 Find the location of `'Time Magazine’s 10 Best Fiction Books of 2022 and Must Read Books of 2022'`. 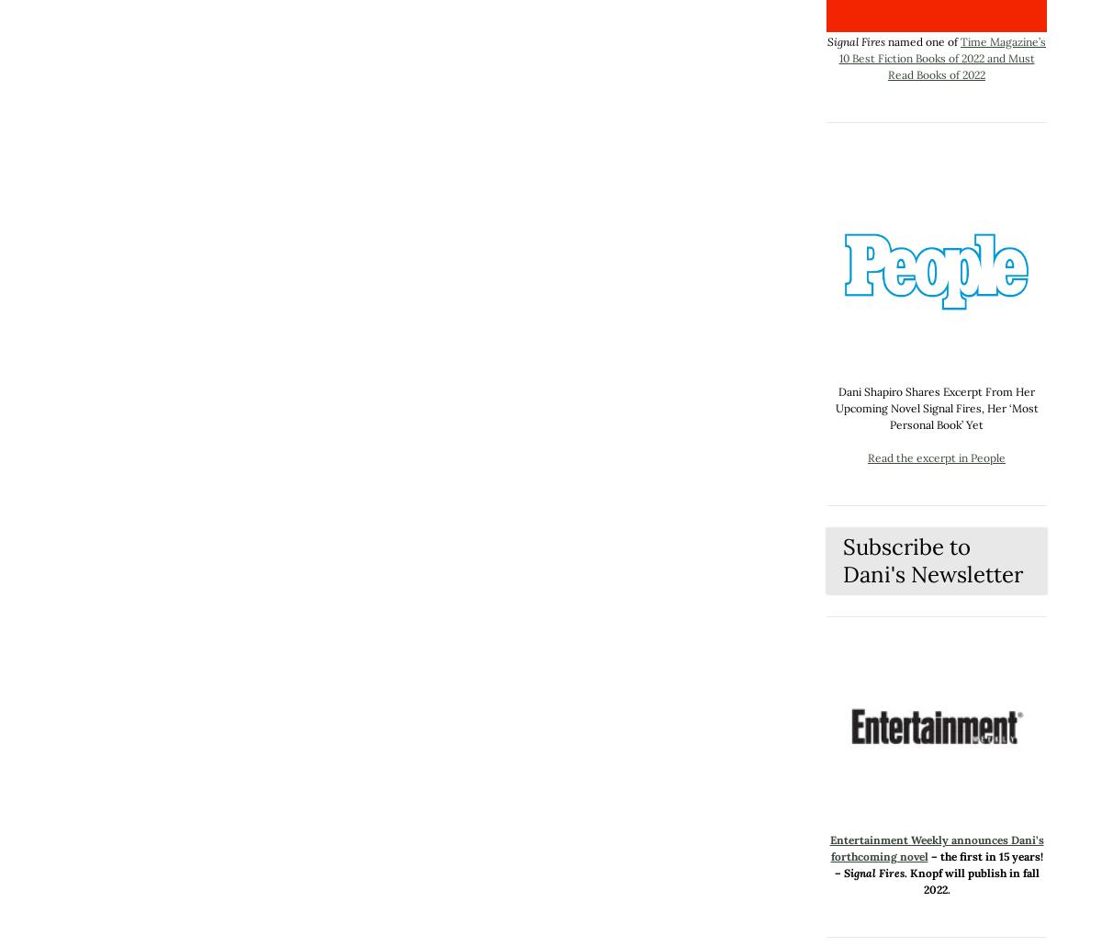

'Time Magazine’s 10 Best Fiction Books of 2022 and Must Read Books of 2022' is located at coordinates (838, 58).